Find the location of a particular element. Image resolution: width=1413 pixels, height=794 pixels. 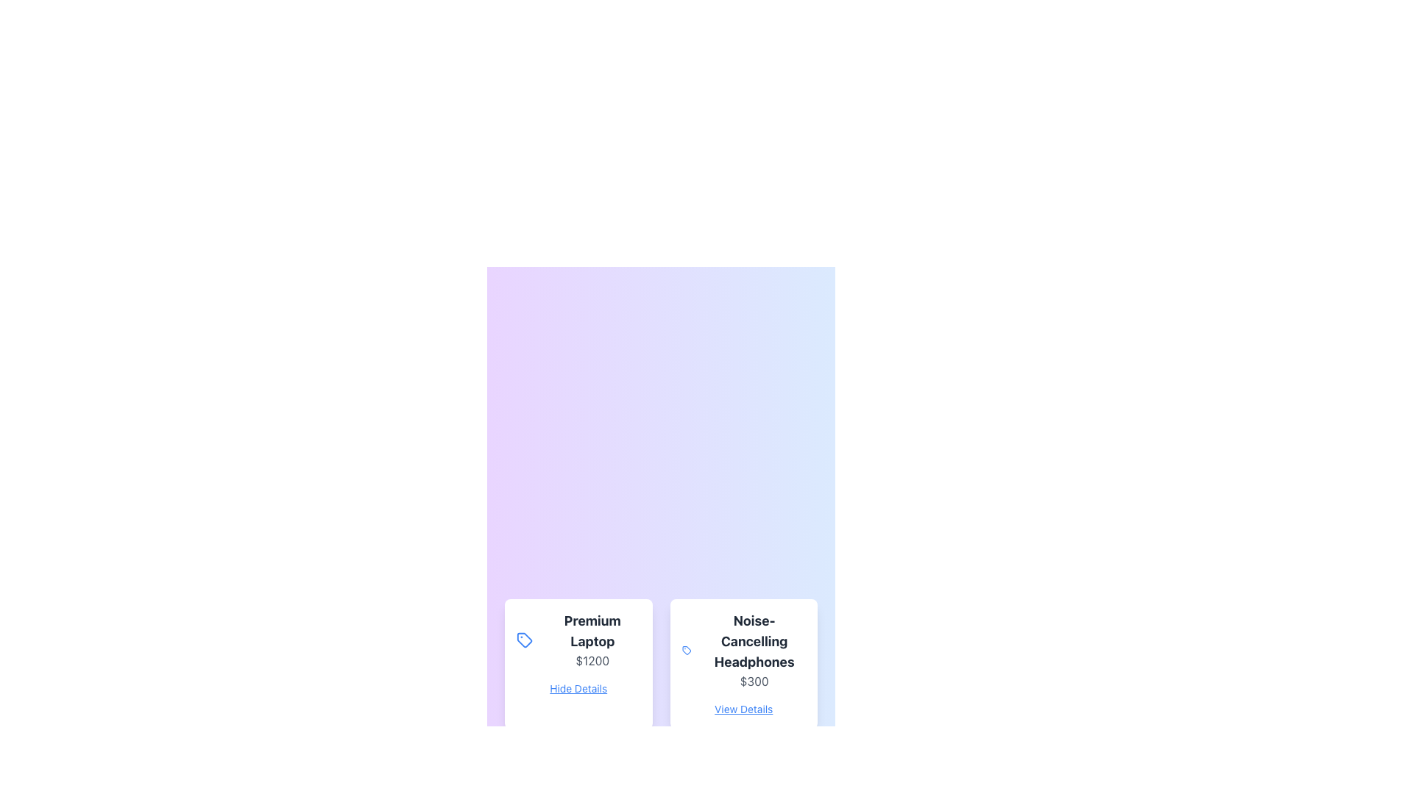

the first card in the grid layout that displays details about the 'Premium Laptop' is located at coordinates (578, 663).